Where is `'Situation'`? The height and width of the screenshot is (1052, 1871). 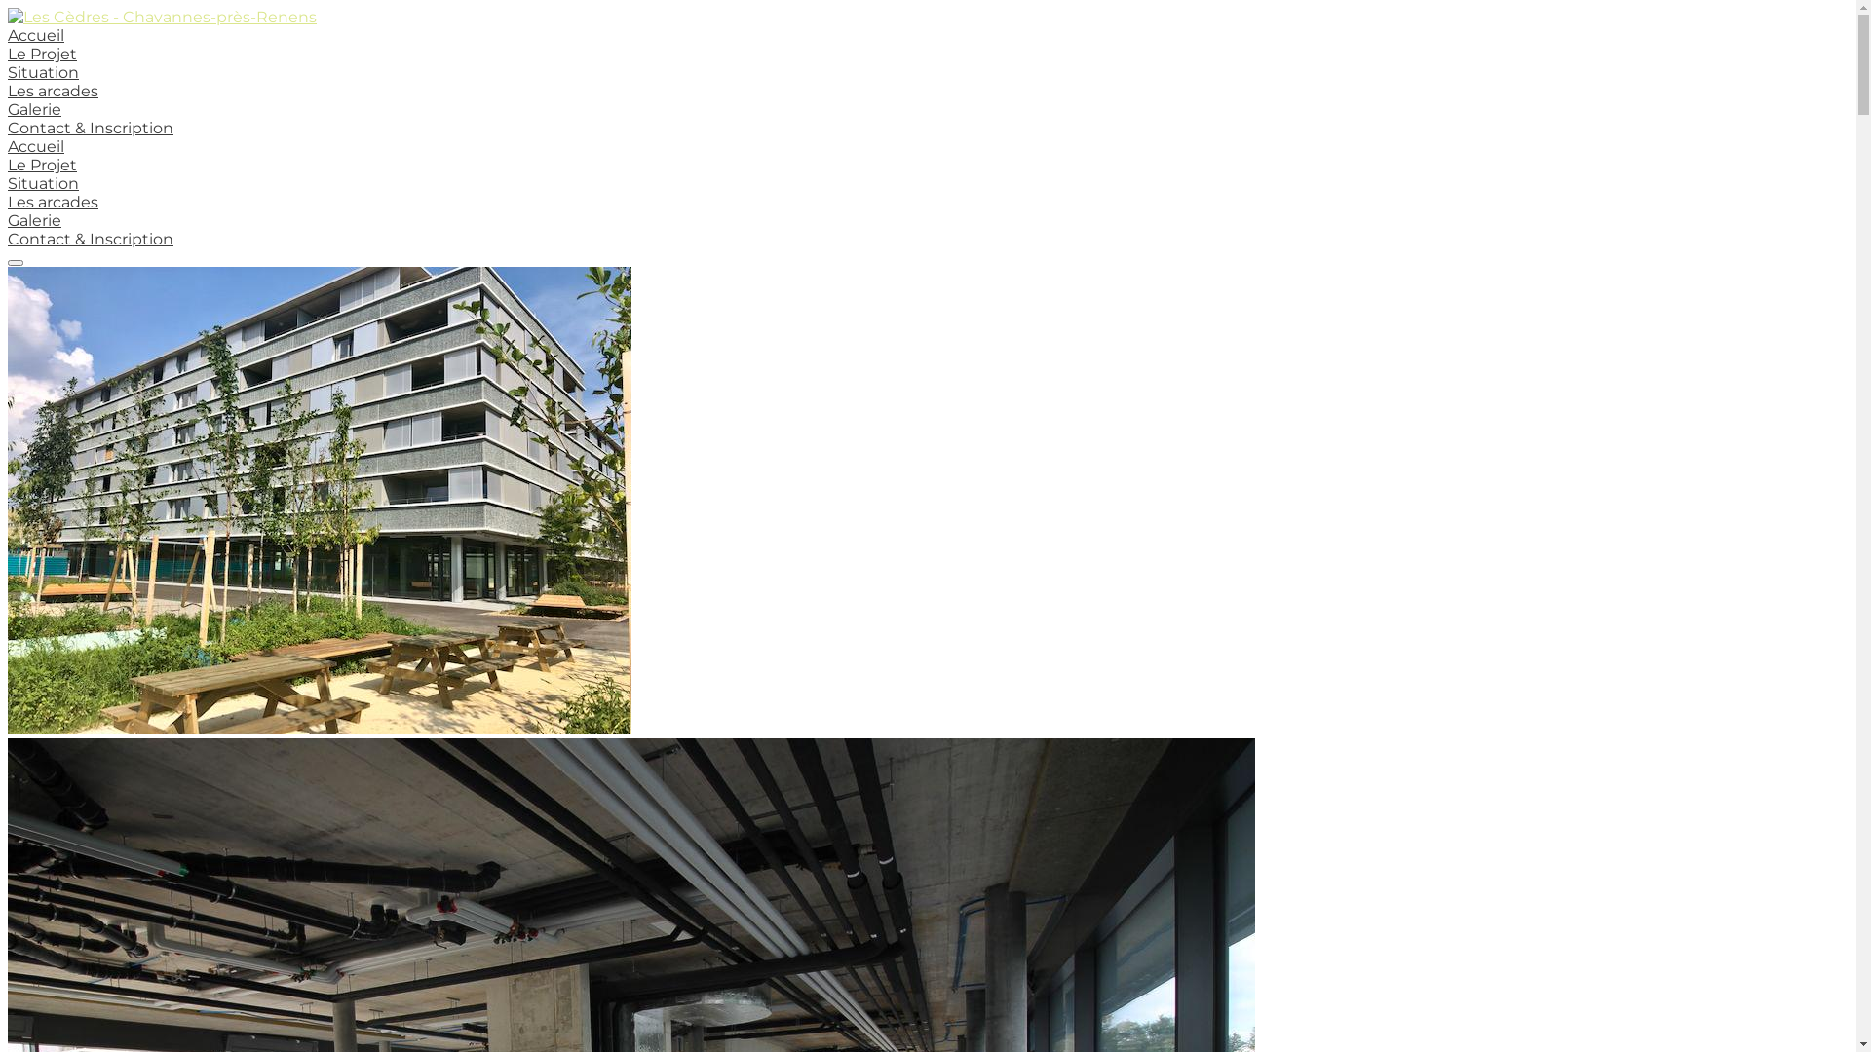
'Situation' is located at coordinates (43, 71).